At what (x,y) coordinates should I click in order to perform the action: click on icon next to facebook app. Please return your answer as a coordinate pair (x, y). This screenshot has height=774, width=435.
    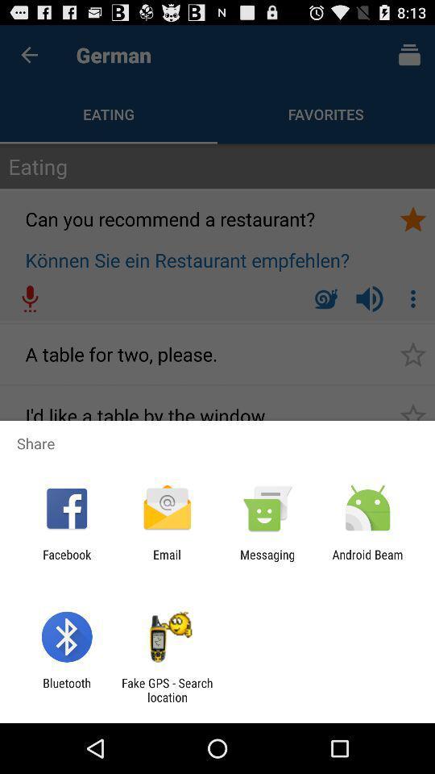
    Looking at the image, I should click on (166, 561).